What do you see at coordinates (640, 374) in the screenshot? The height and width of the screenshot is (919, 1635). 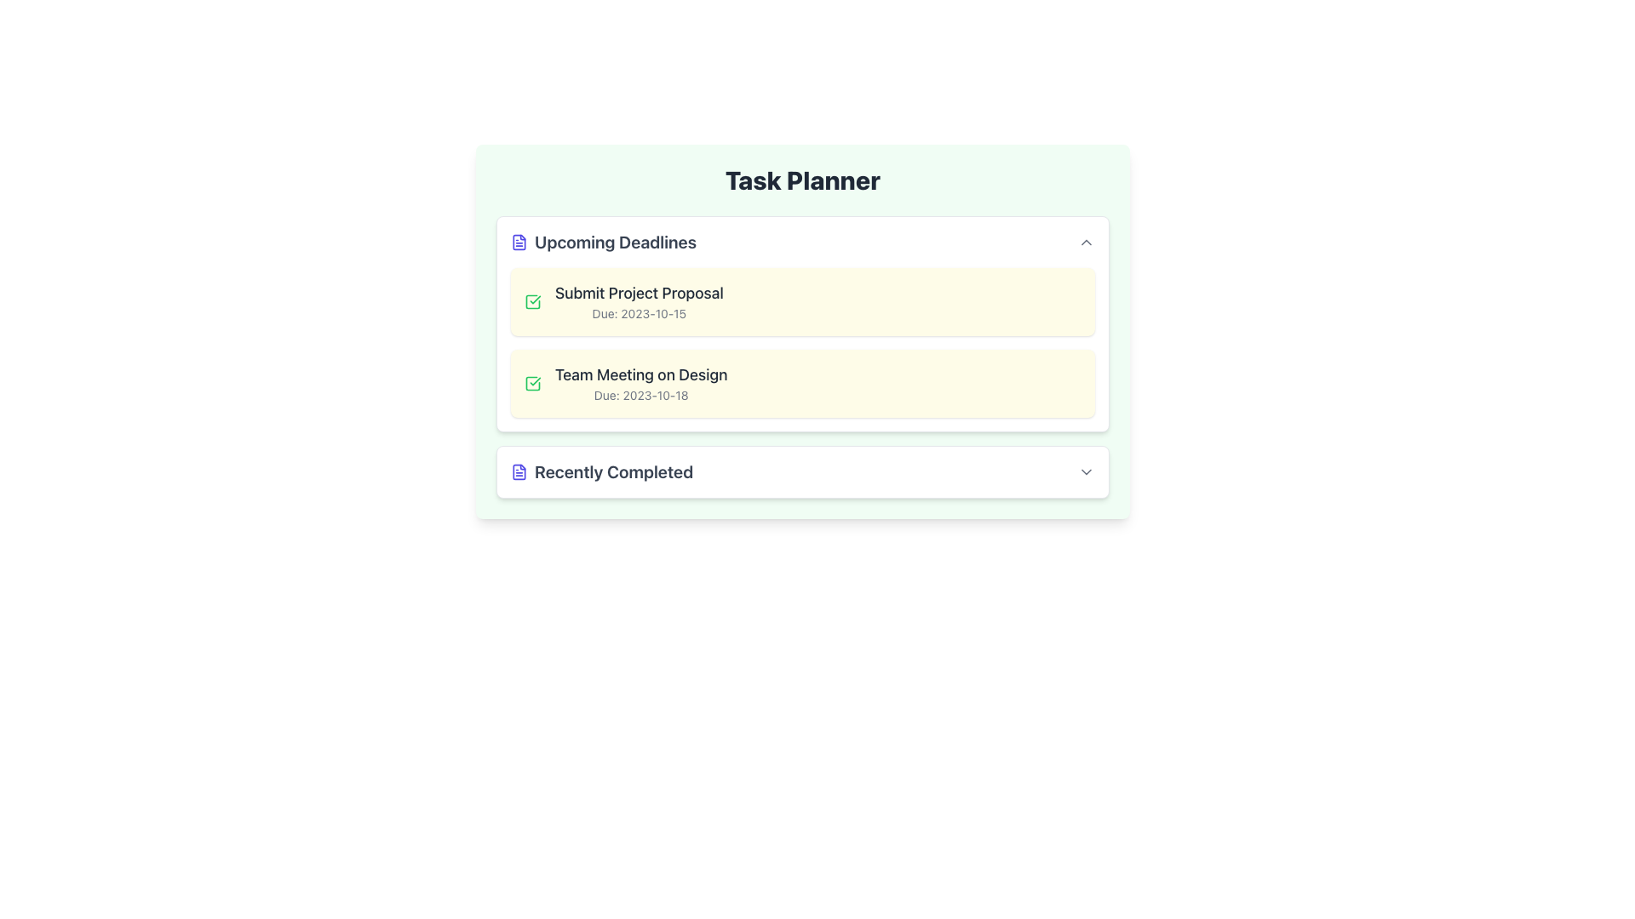 I see `text label displaying 'Team Meeting on Design' located in the 'Upcoming Deadlines' section of the 'Task Planner' interface` at bounding box center [640, 374].